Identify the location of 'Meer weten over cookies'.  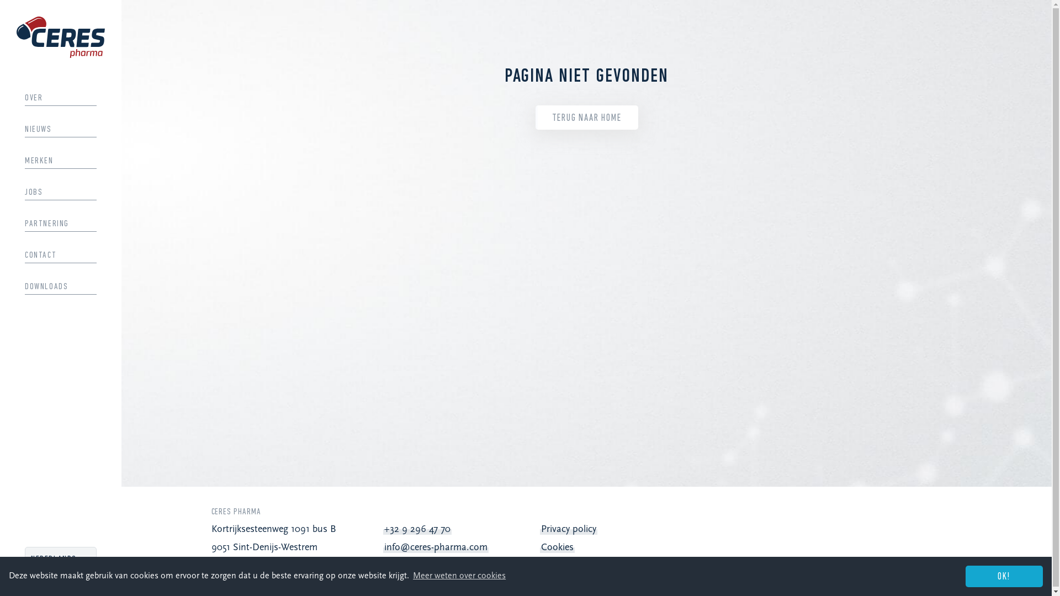
(459, 576).